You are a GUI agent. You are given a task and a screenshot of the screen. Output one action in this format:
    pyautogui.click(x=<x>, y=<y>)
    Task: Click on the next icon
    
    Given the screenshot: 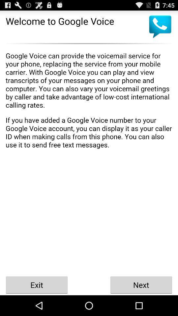 What is the action you would take?
    pyautogui.click(x=141, y=284)
    